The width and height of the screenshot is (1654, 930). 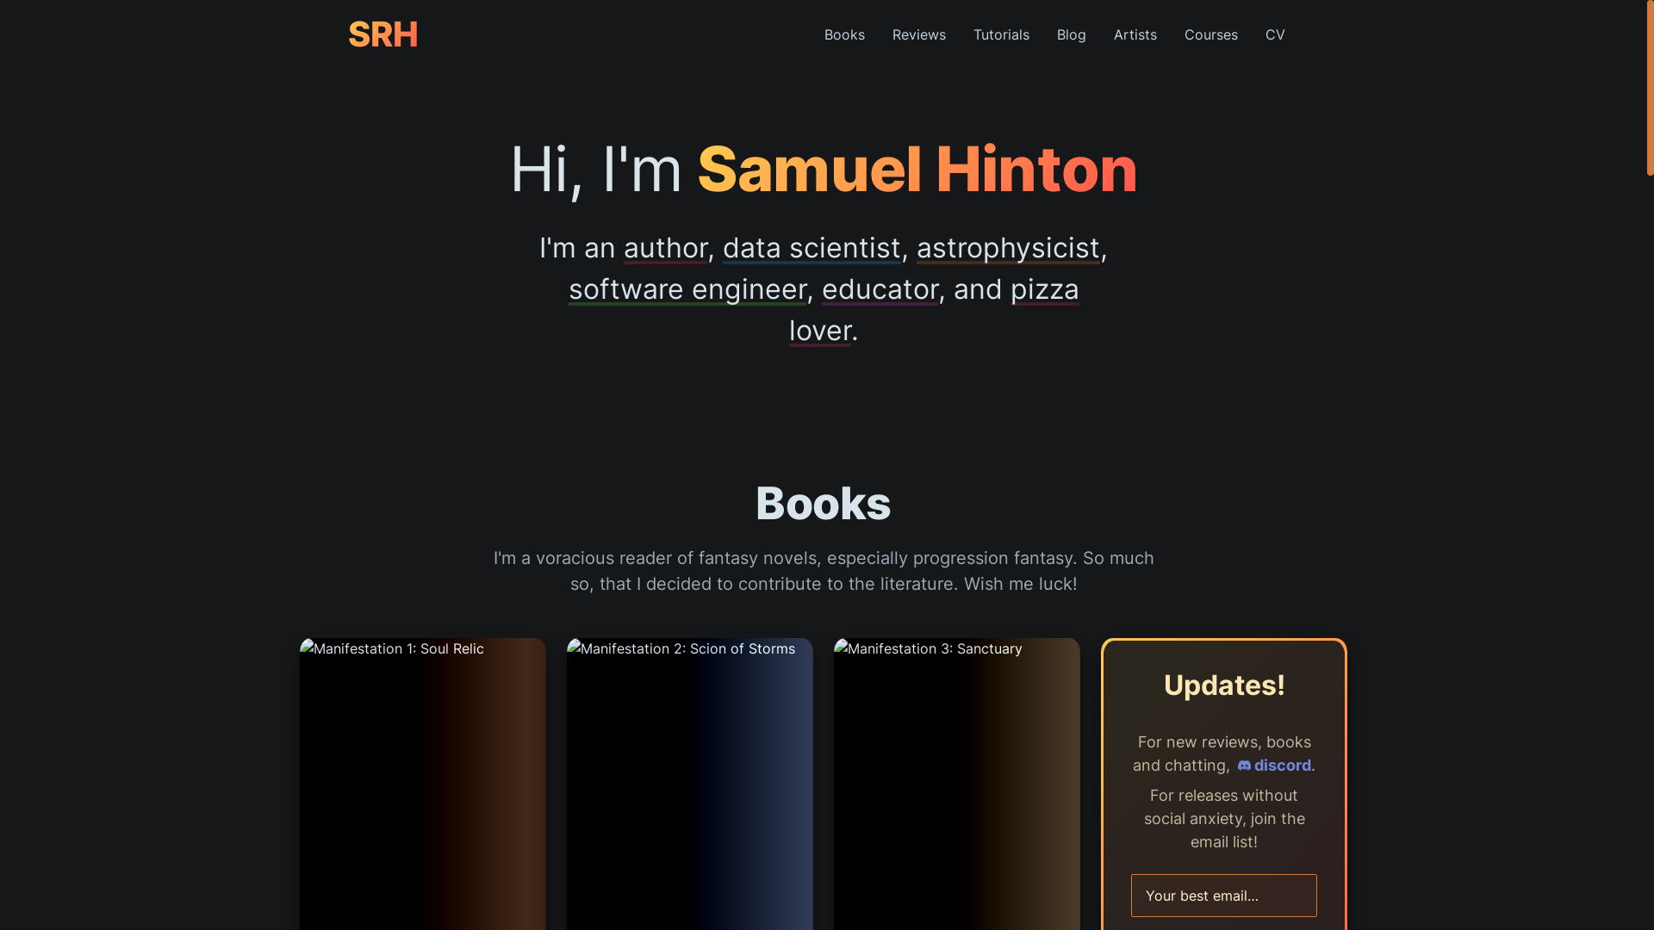 I want to click on 'software engineer', so click(x=686, y=288).